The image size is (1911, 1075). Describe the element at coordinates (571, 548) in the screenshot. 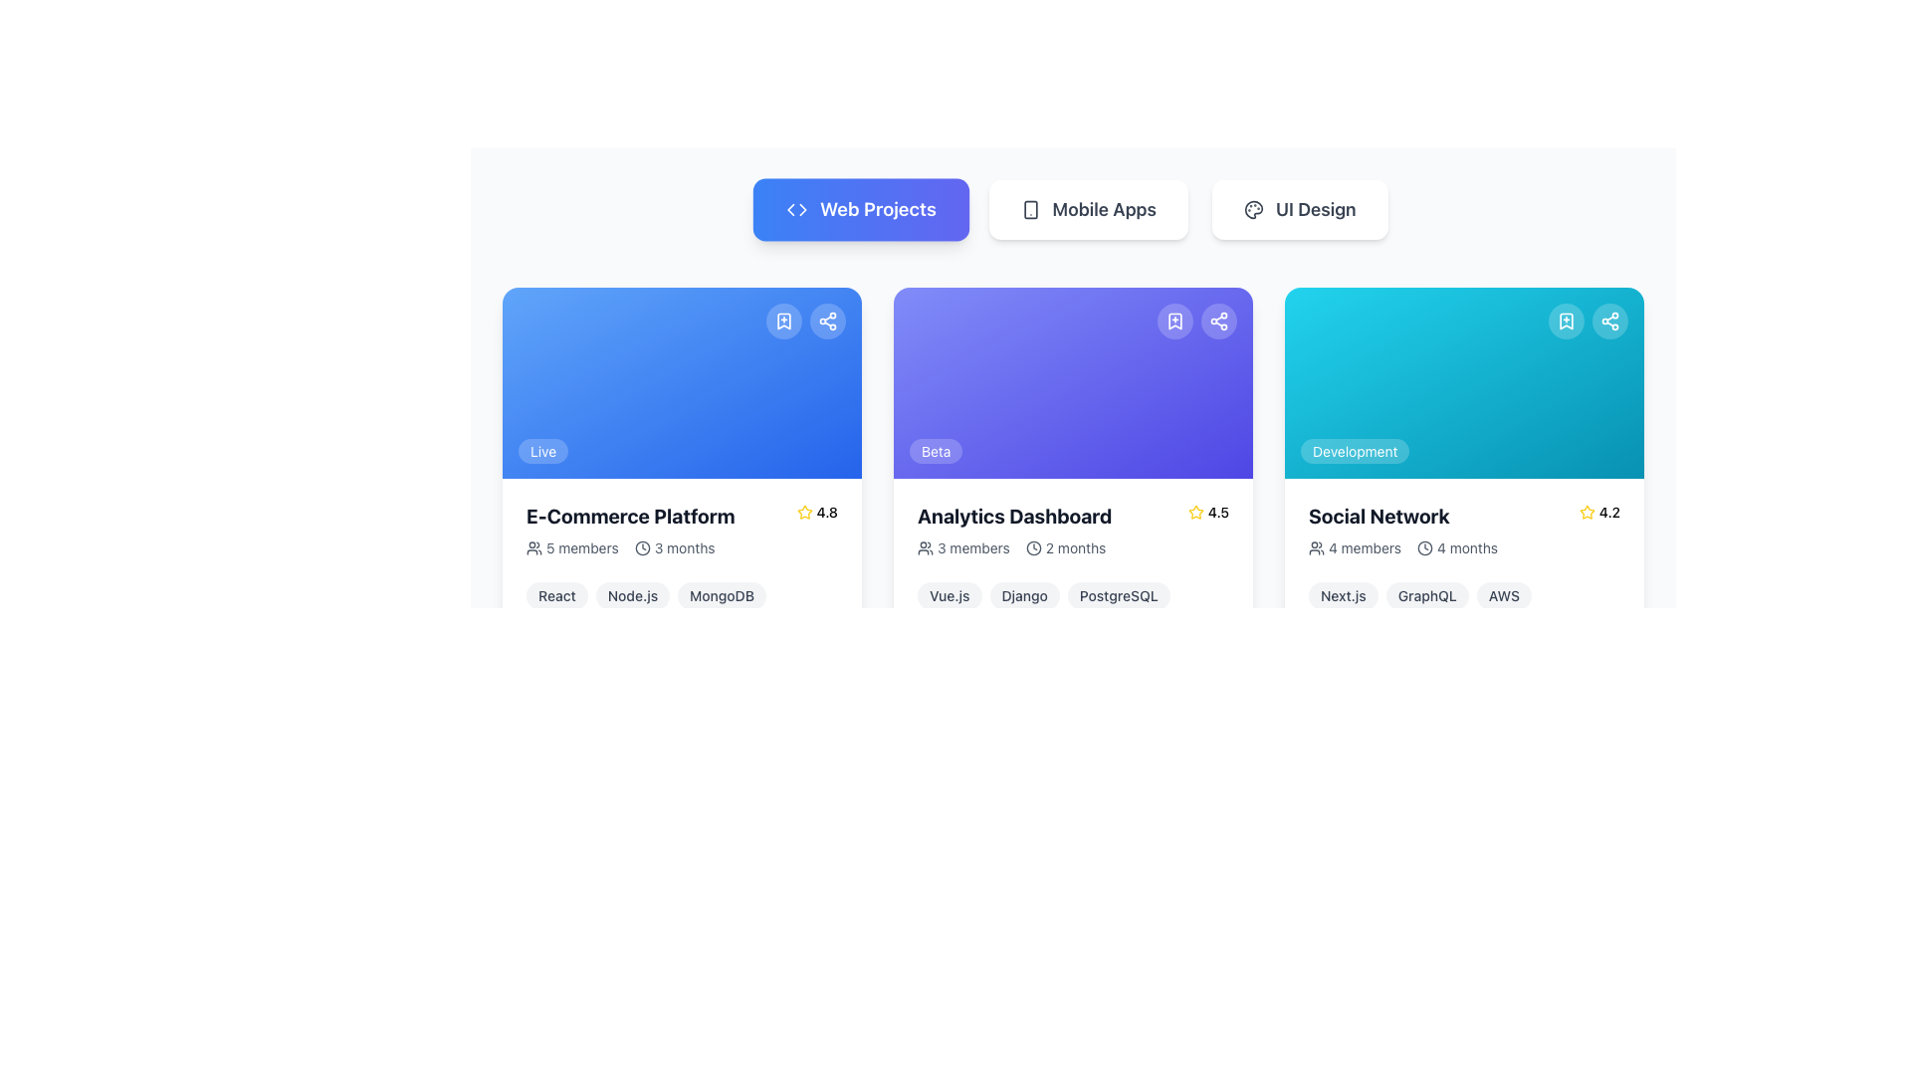

I see `the text label indicating the number of members involved in the project, which is located within the first card under the 'Web Projects' tab, to the left of the '3 months' label and below the title 'E-Commerce Platform'` at that location.